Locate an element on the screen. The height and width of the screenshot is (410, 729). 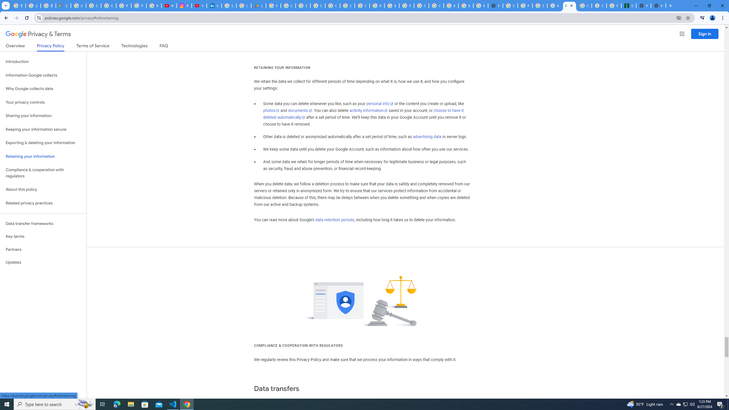
'#nbabasketballhighlights - YouTube' is located at coordinates (169, 5).